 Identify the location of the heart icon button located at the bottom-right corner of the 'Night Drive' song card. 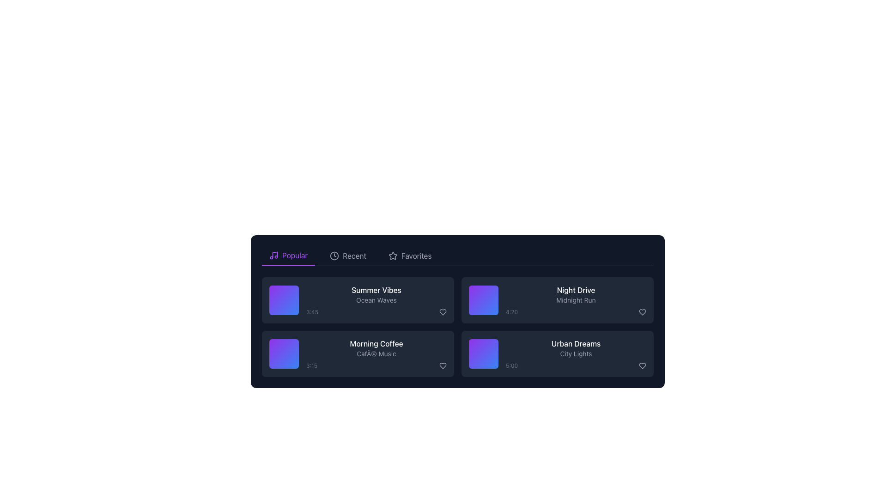
(642, 312).